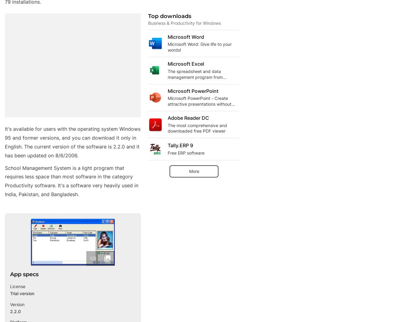 This screenshot has height=322, width=396. What do you see at coordinates (28, 311) in the screenshot?
I see `'Deutsch'` at bounding box center [28, 311].